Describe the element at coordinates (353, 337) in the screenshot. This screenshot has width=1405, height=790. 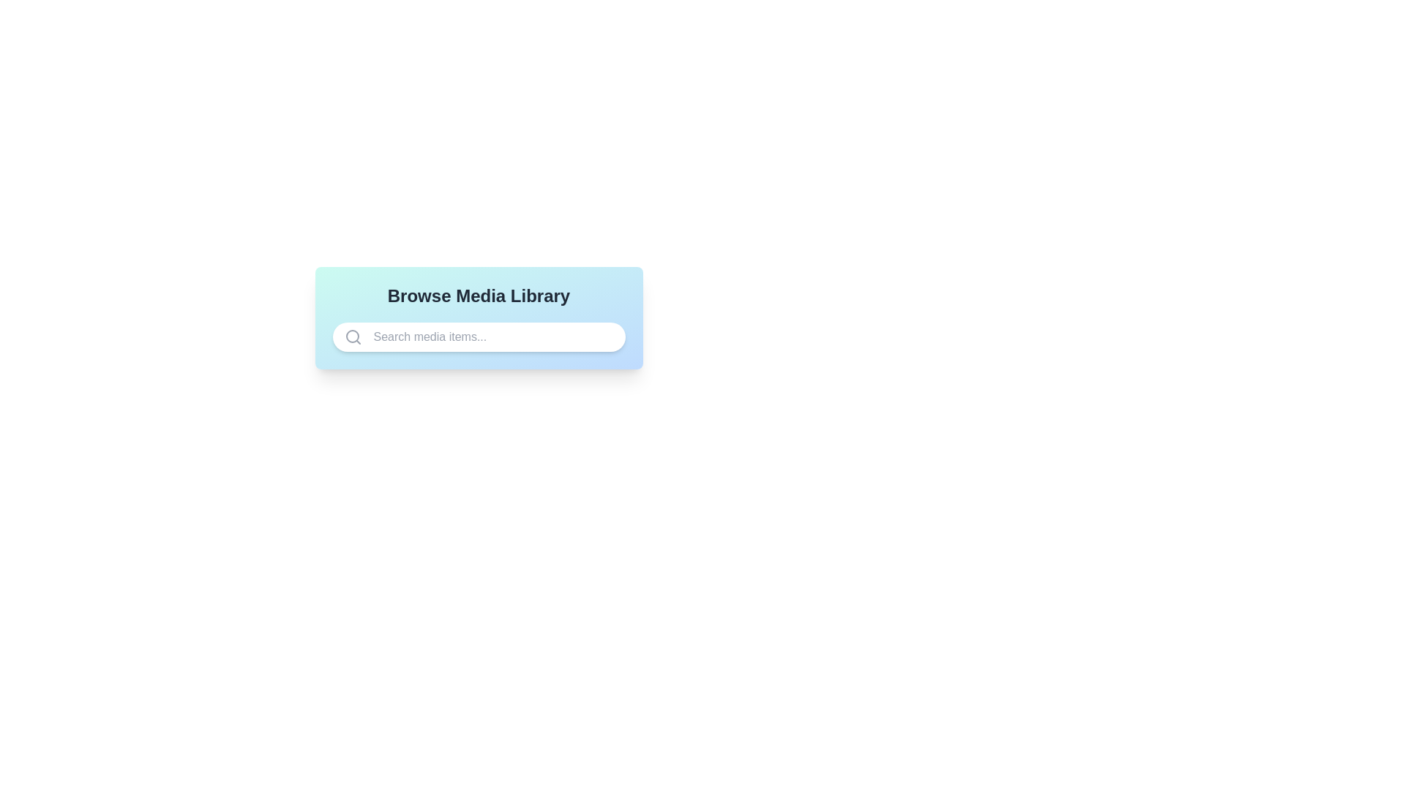
I see `the search icon located on the left side of the rounded box` at that location.